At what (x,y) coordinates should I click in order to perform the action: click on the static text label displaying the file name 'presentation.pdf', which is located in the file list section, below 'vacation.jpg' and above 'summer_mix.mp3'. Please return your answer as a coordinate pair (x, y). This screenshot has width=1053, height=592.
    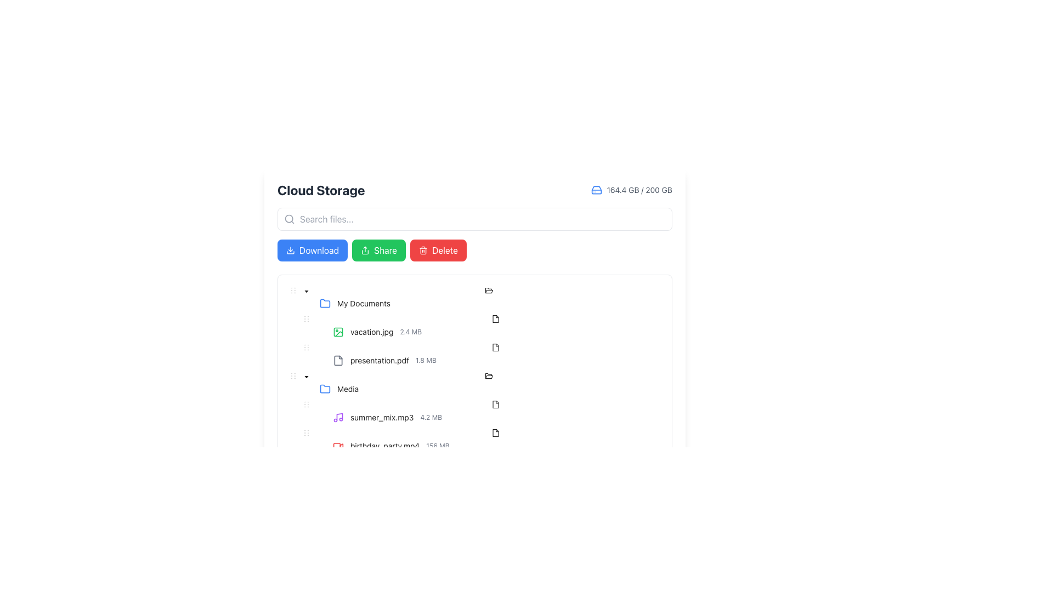
    Looking at the image, I should click on (380, 361).